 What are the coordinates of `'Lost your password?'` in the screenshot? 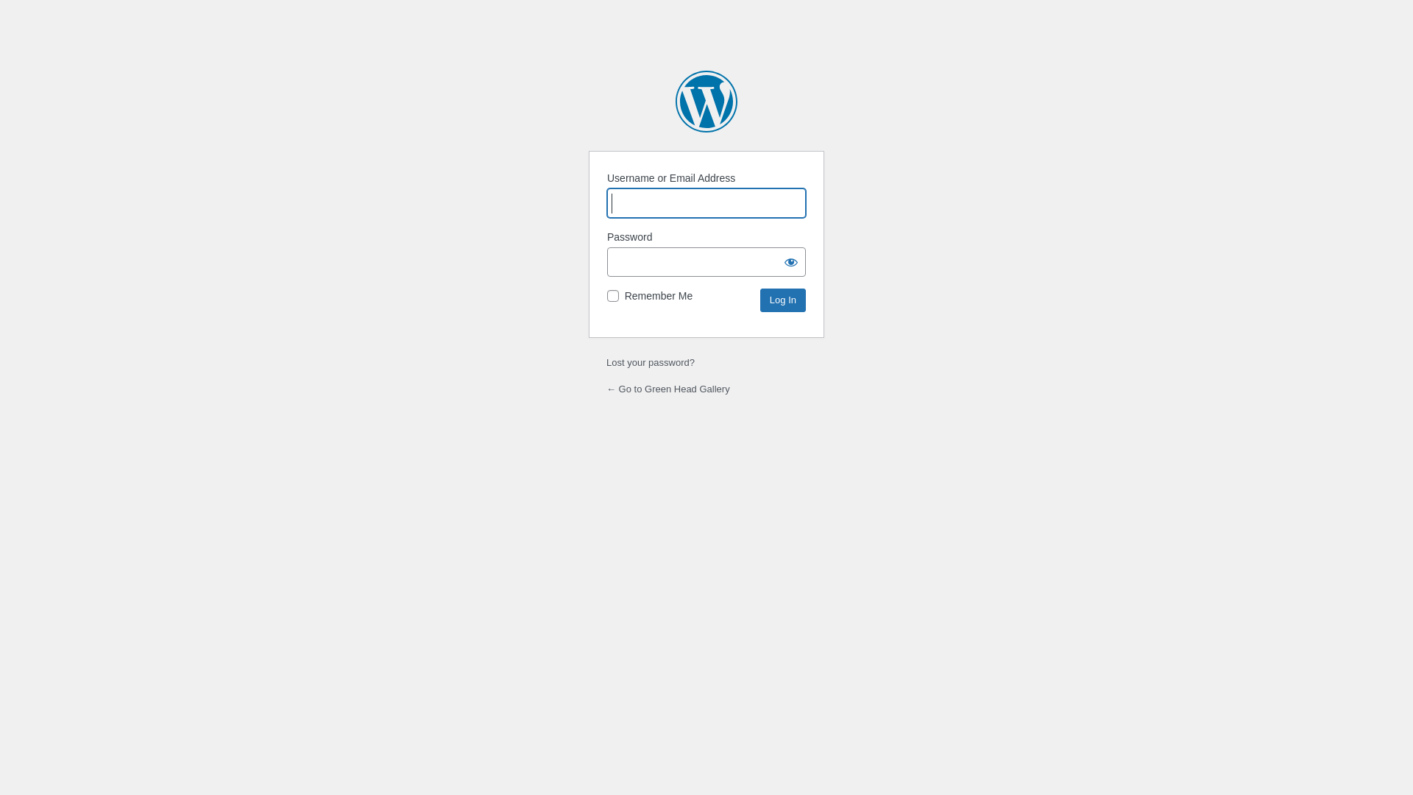 It's located at (649, 362).